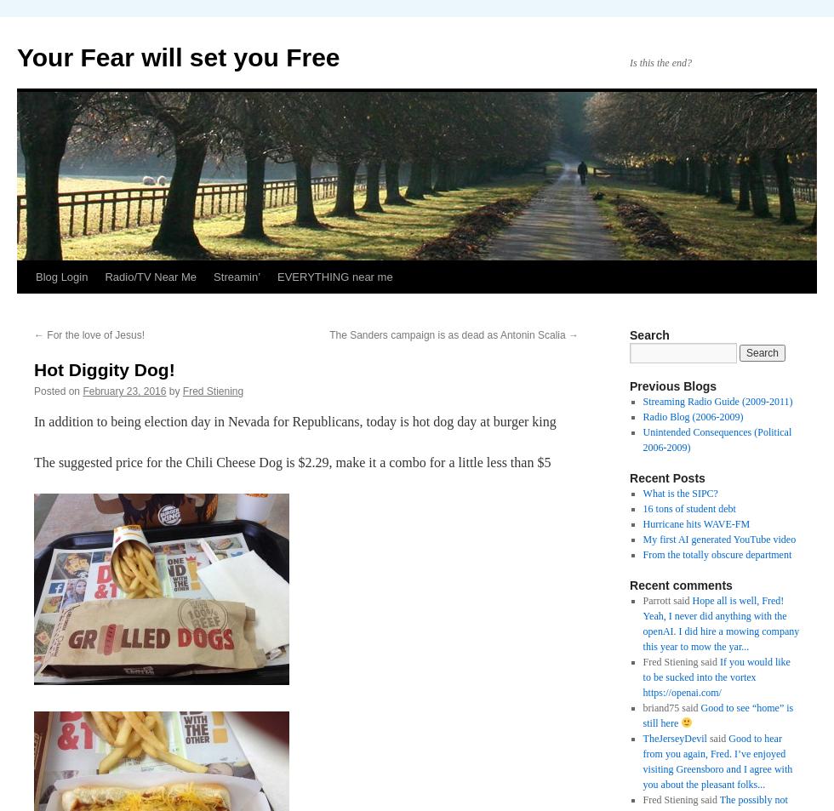 Image resolution: width=834 pixels, height=811 pixels. What do you see at coordinates (688, 509) in the screenshot?
I see `'16 tons of student debt'` at bounding box center [688, 509].